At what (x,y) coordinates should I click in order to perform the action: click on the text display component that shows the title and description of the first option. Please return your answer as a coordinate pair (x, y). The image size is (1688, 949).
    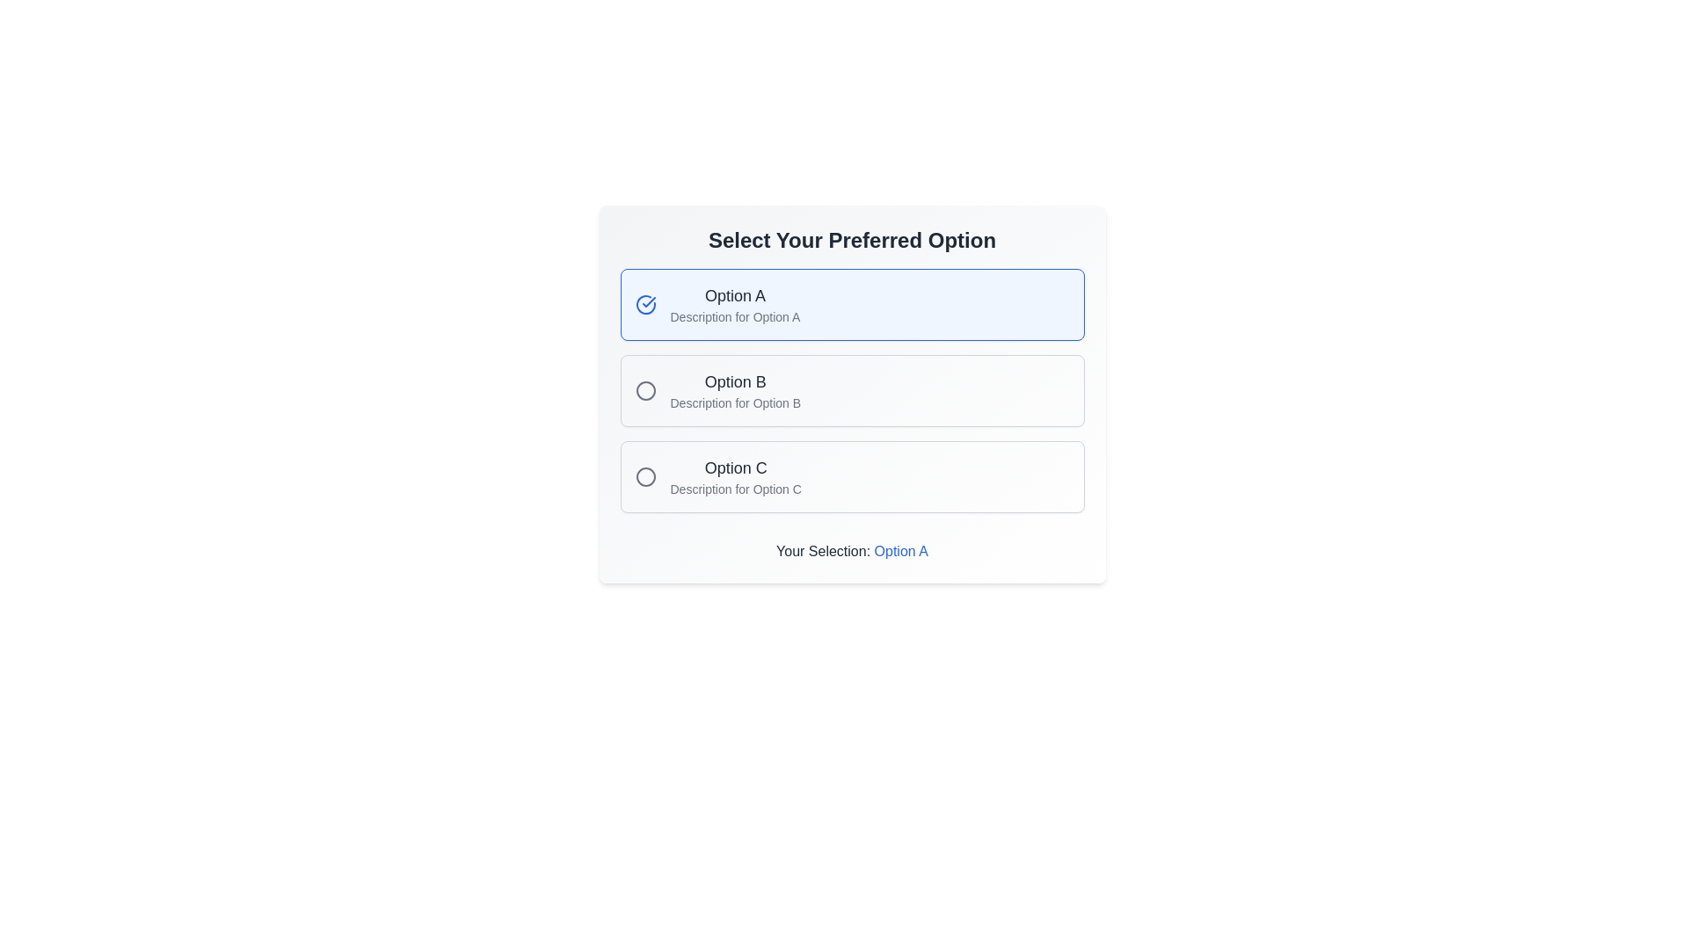
    Looking at the image, I should click on (735, 304).